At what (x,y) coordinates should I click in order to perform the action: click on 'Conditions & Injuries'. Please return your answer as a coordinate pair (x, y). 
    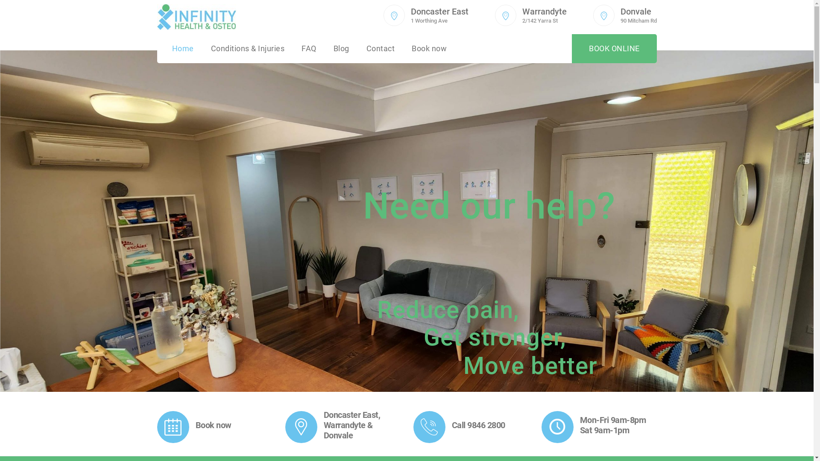
    Looking at the image, I should click on (247, 49).